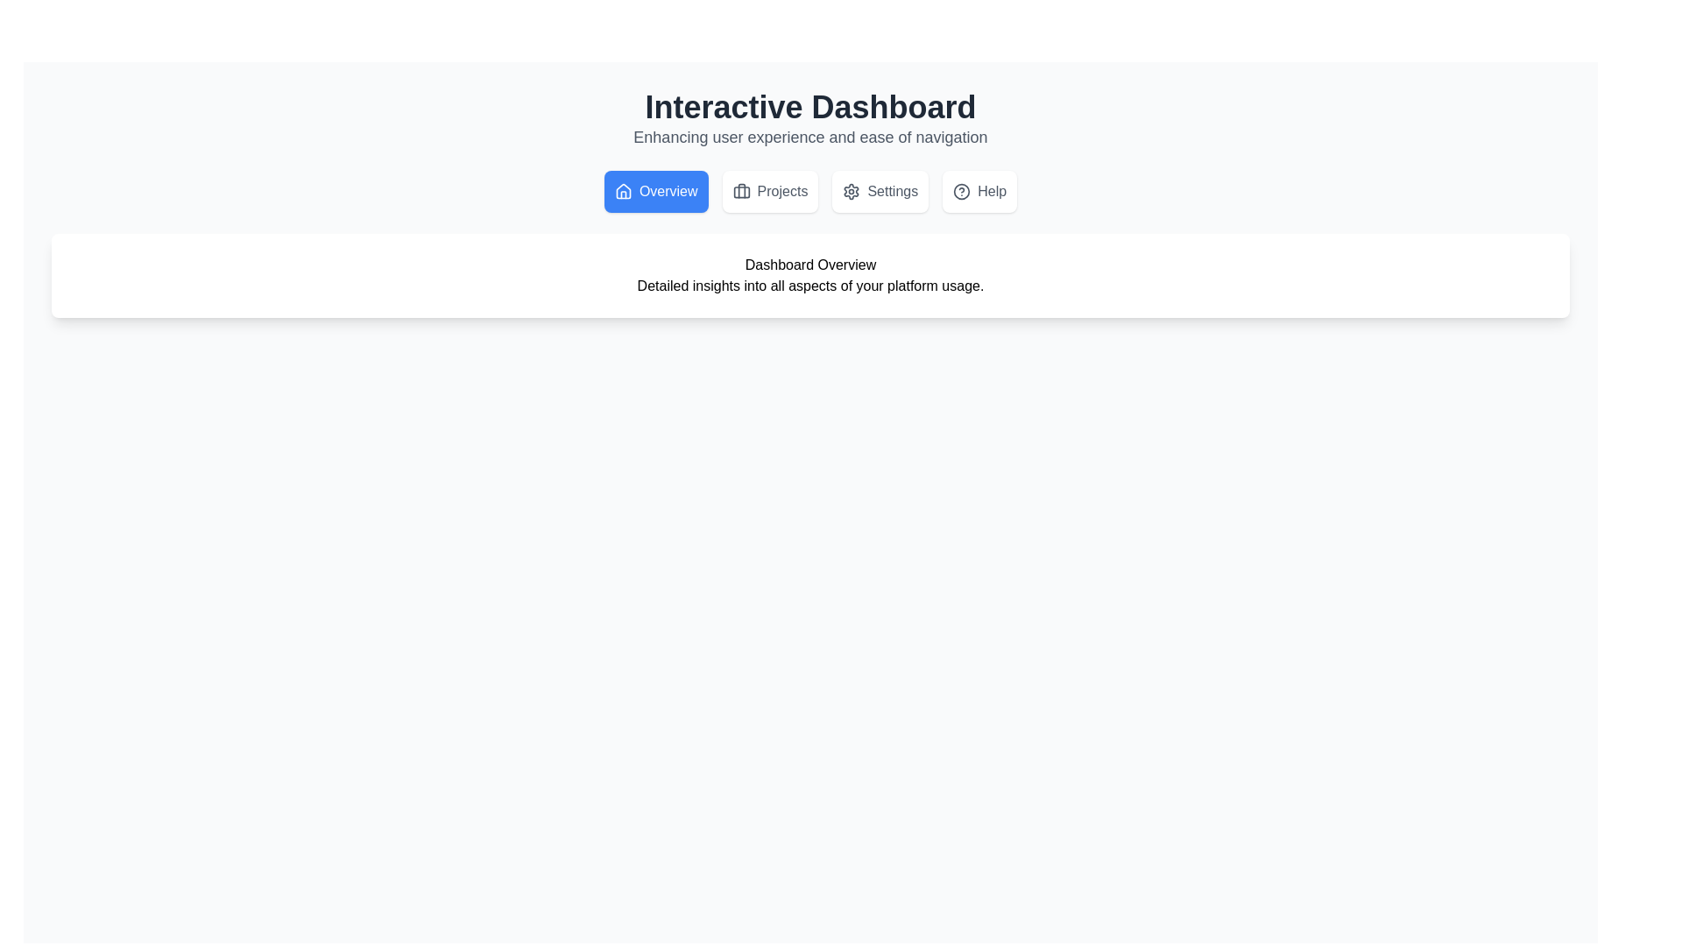 The width and height of the screenshot is (1682, 946). Describe the element at coordinates (992, 192) in the screenshot. I see `the 'Help' button, which is a text label displaying the word 'Help' in gray color, located within the top-right navigation bar next to a help icon` at that location.